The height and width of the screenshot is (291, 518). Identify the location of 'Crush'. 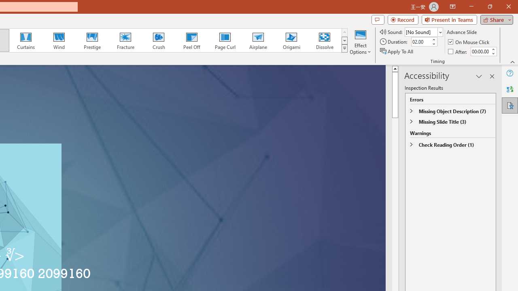
(158, 40).